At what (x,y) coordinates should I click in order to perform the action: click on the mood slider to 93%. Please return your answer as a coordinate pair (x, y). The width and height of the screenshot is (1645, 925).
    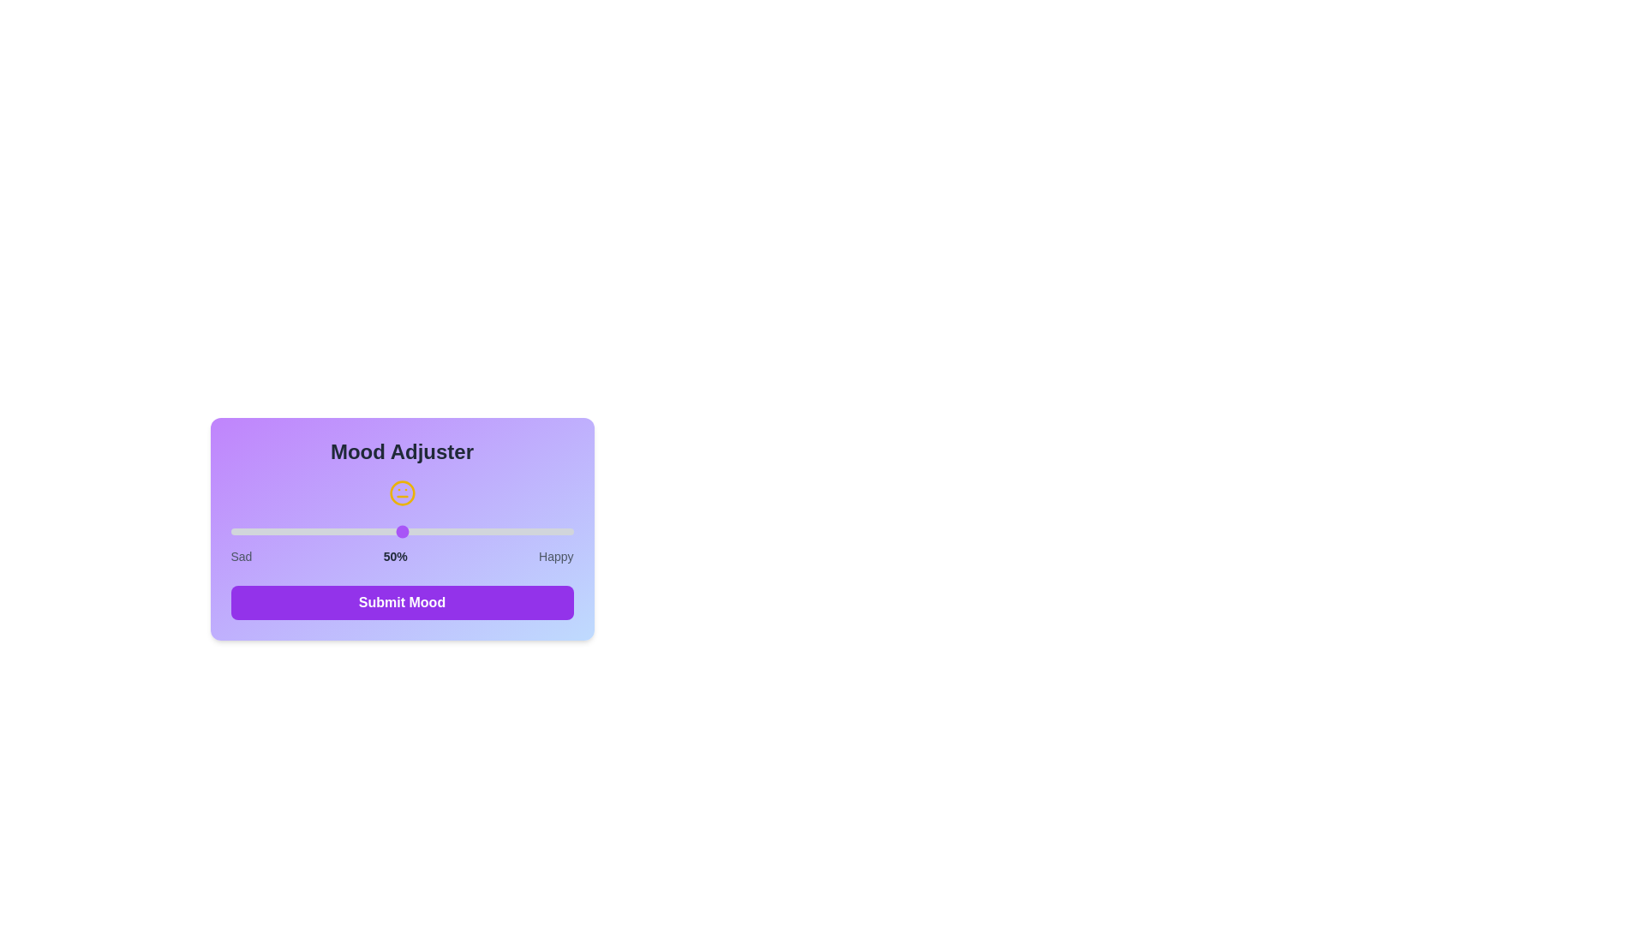
    Looking at the image, I should click on (549, 531).